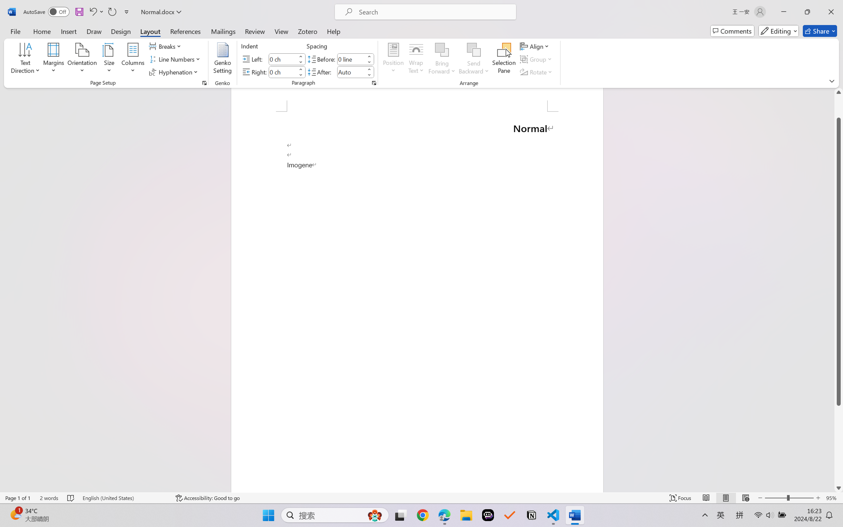  Describe the element at coordinates (838, 488) in the screenshot. I see `'Line down'` at that location.